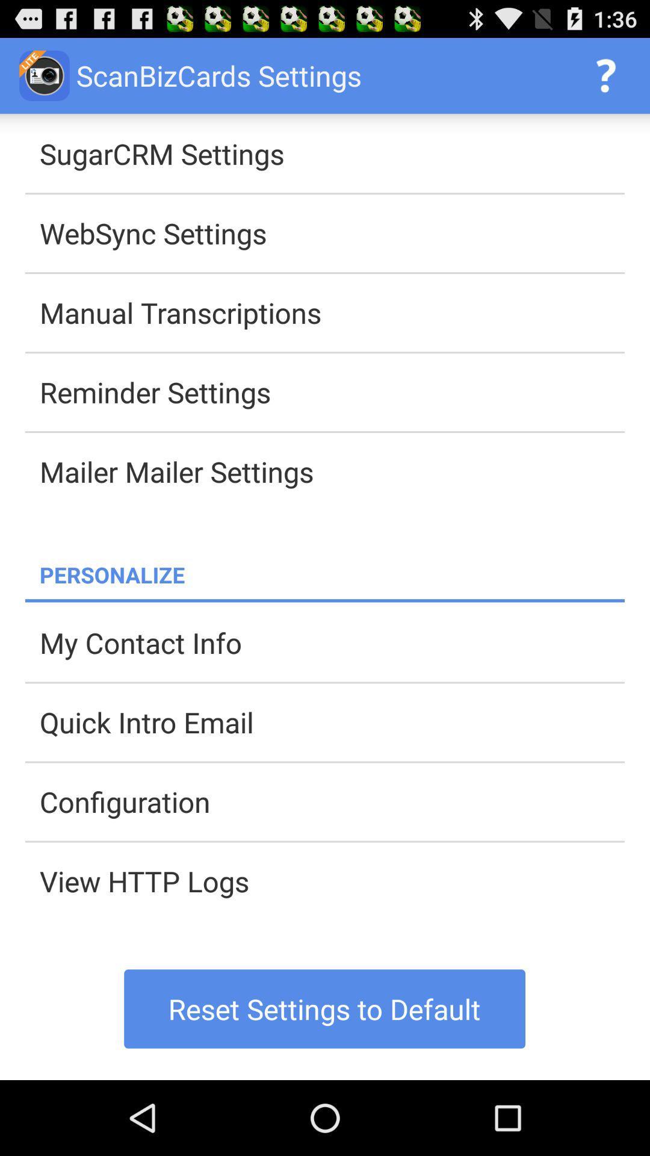 This screenshot has width=650, height=1156. What do you see at coordinates (332, 574) in the screenshot?
I see `the personalize app` at bounding box center [332, 574].